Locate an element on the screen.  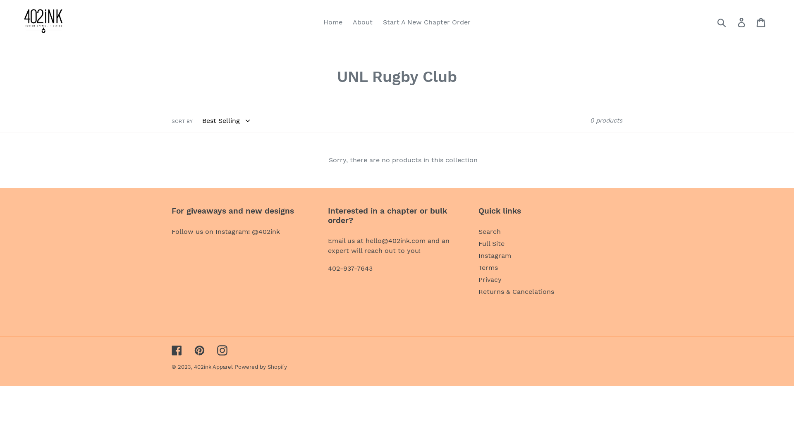
'Returns & Cancelations' is located at coordinates (516, 291).